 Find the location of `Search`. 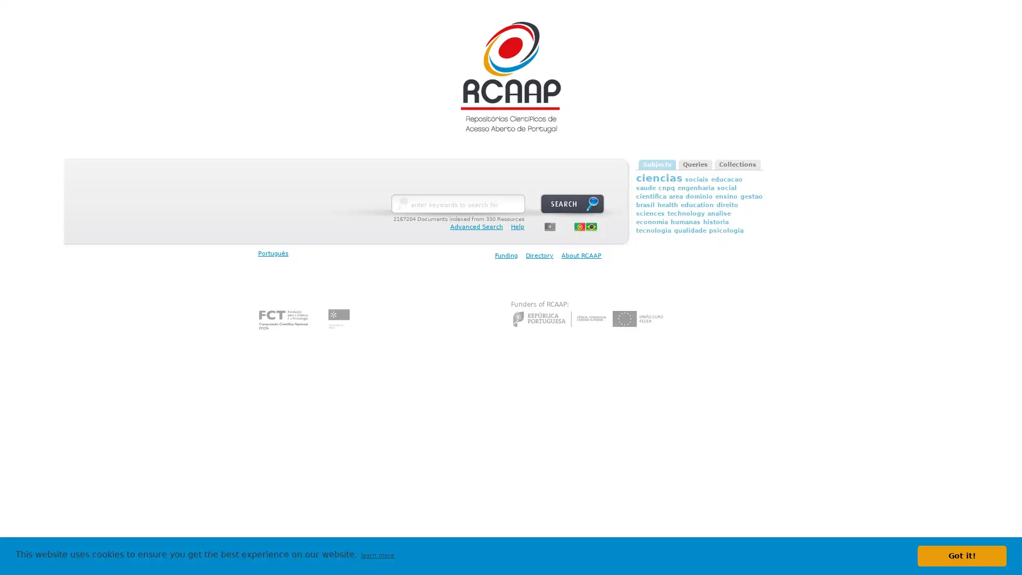

Search is located at coordinates (572, 203).